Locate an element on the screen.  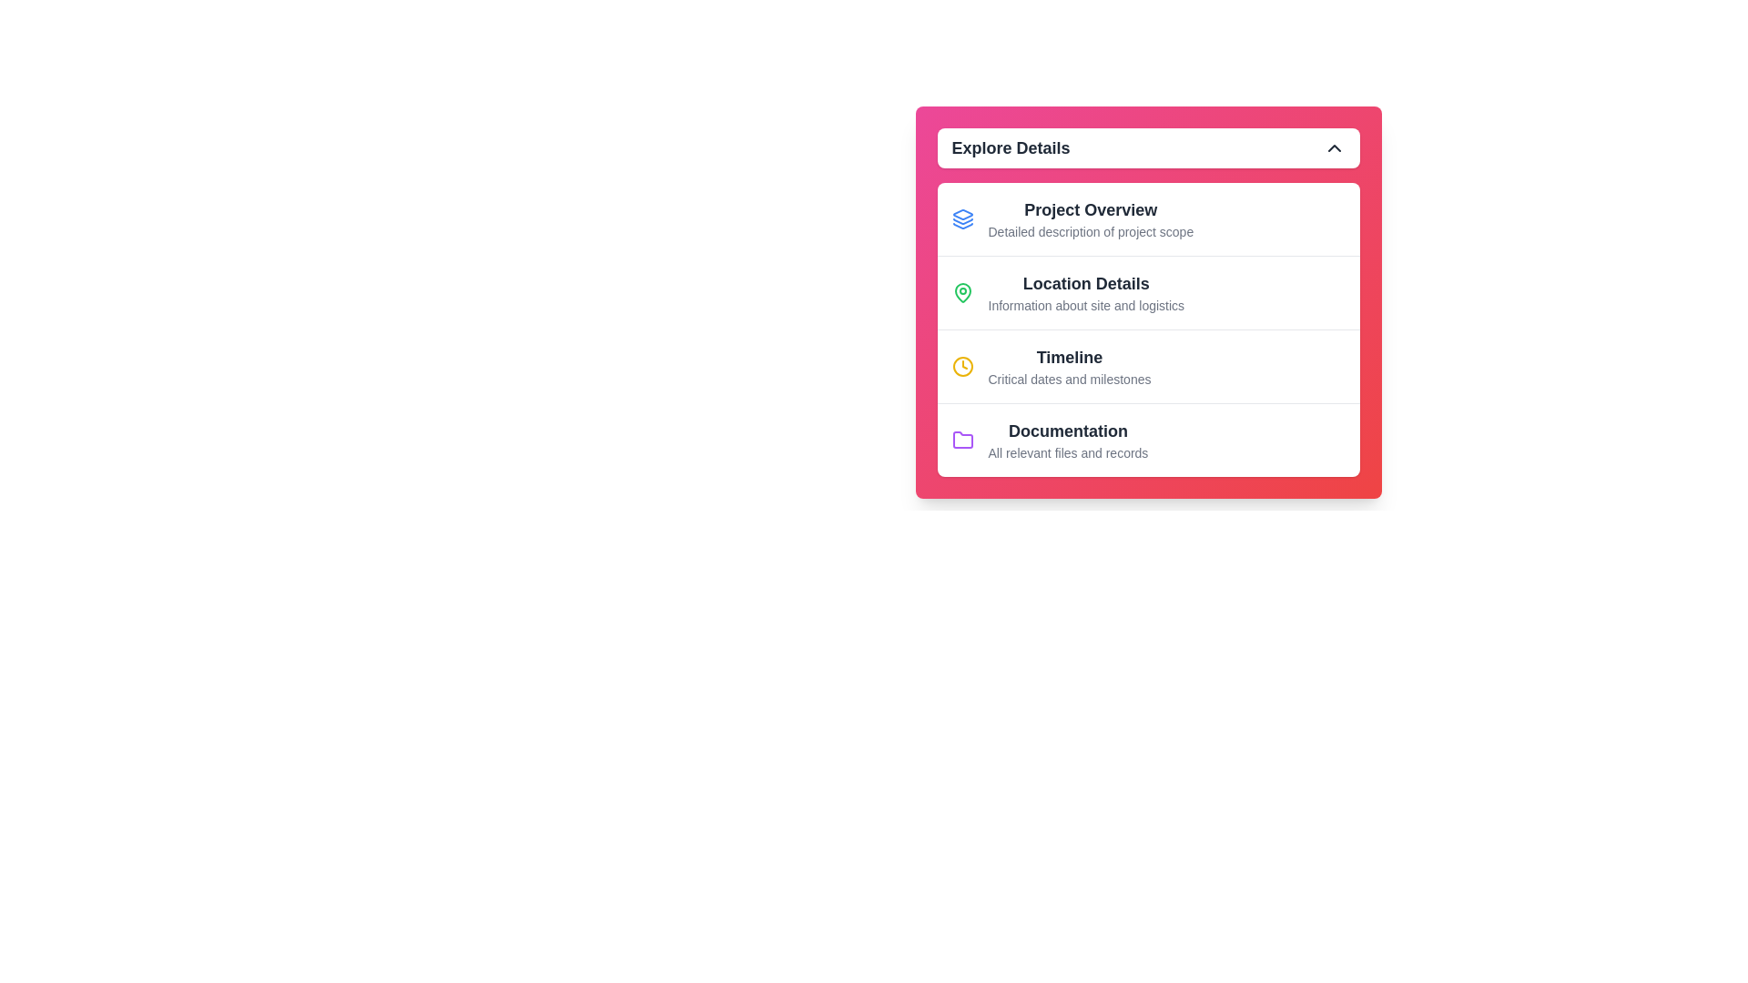
the 'Project Overview' card in the 'Explore Details' panel is located at coordinates (1147, 218).